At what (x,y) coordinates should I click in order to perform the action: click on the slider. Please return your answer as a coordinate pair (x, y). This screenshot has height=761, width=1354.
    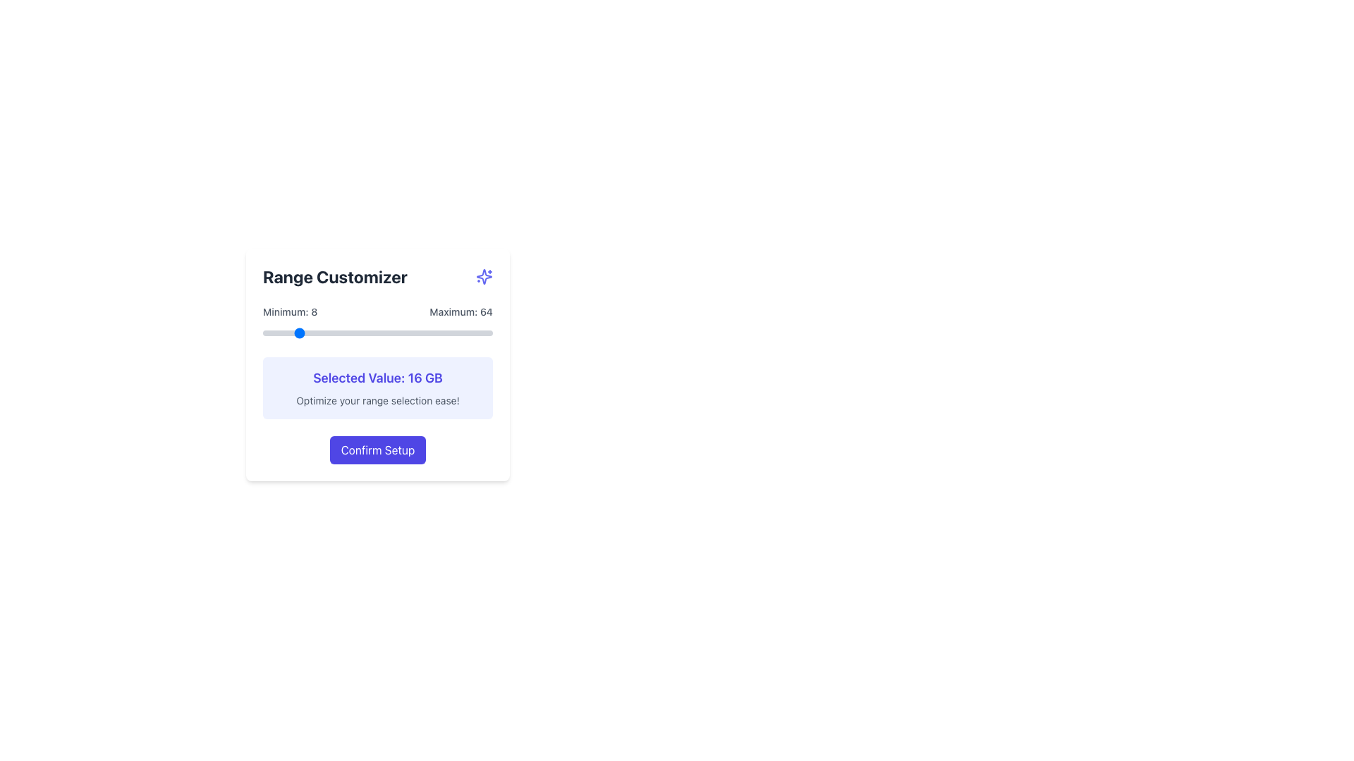
    Looking at the image, I should click on (319, 333).